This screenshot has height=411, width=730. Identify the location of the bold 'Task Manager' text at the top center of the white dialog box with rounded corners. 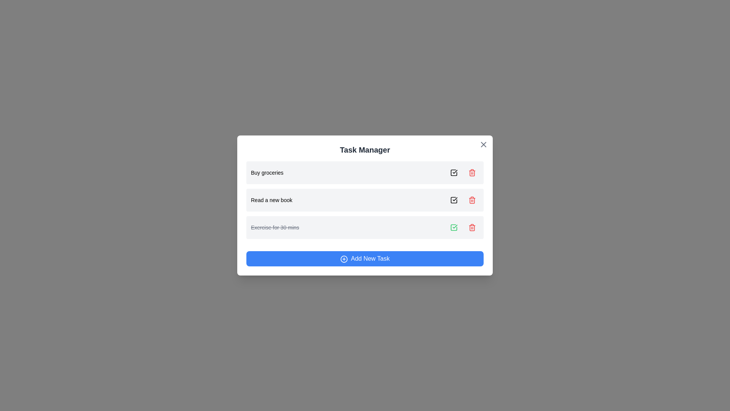
(365, 150).